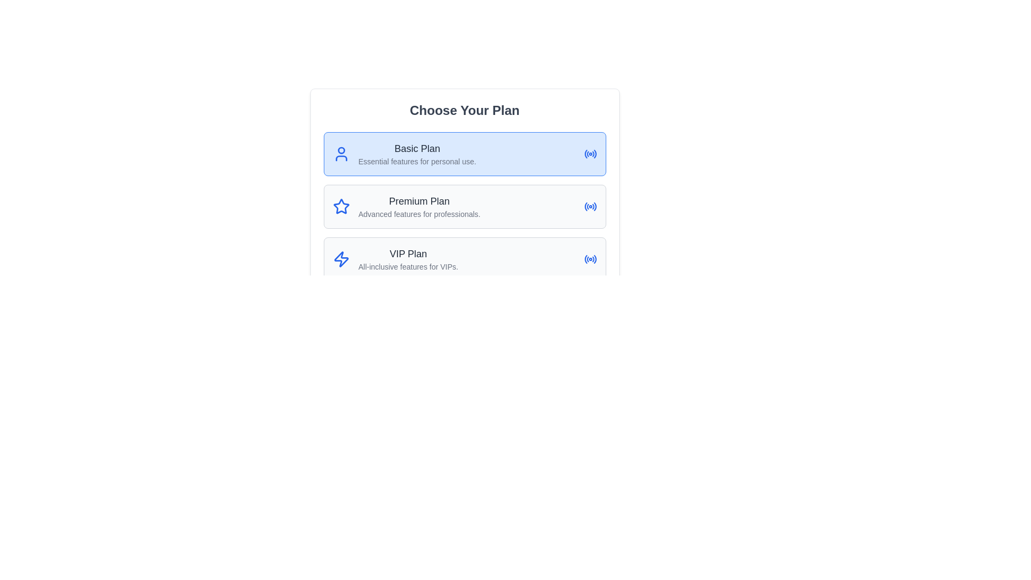 Image resolution: width=1031 pixels, height=580 pixels. What do you see at coordinates (419, 214) in the screenshot?
I see `static text label that reads 'Advanced features for professionals.' located below the 'Premium Plan' title` at bounding box center [419, 214].